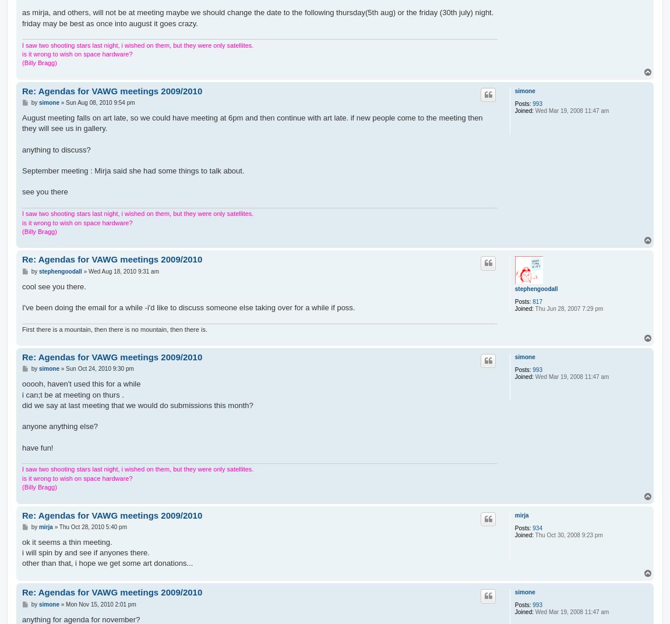  What do you see at coordinates (21, 384) in the screenshot?
I see `'ooooh, haven't used this for a while'` at bounding box center [21, 384].